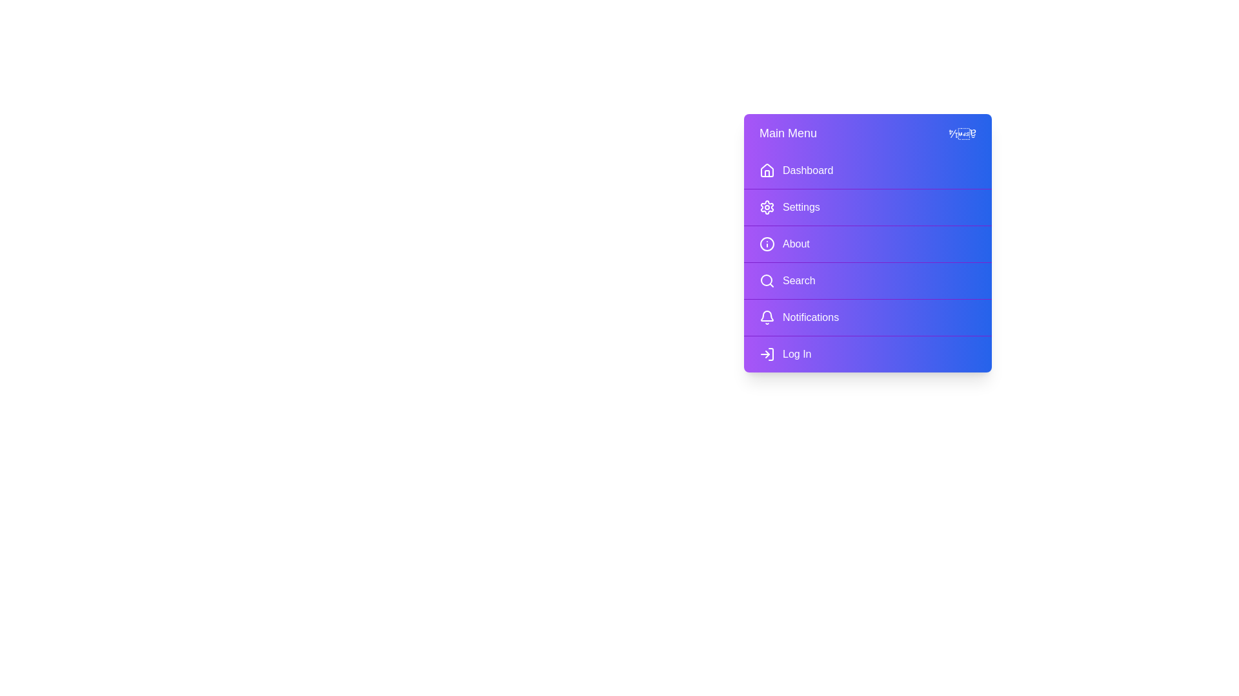  Describe the element at coordinates (867, 244) in the screenshot. I see `the menu item About to highlight it` at that location.